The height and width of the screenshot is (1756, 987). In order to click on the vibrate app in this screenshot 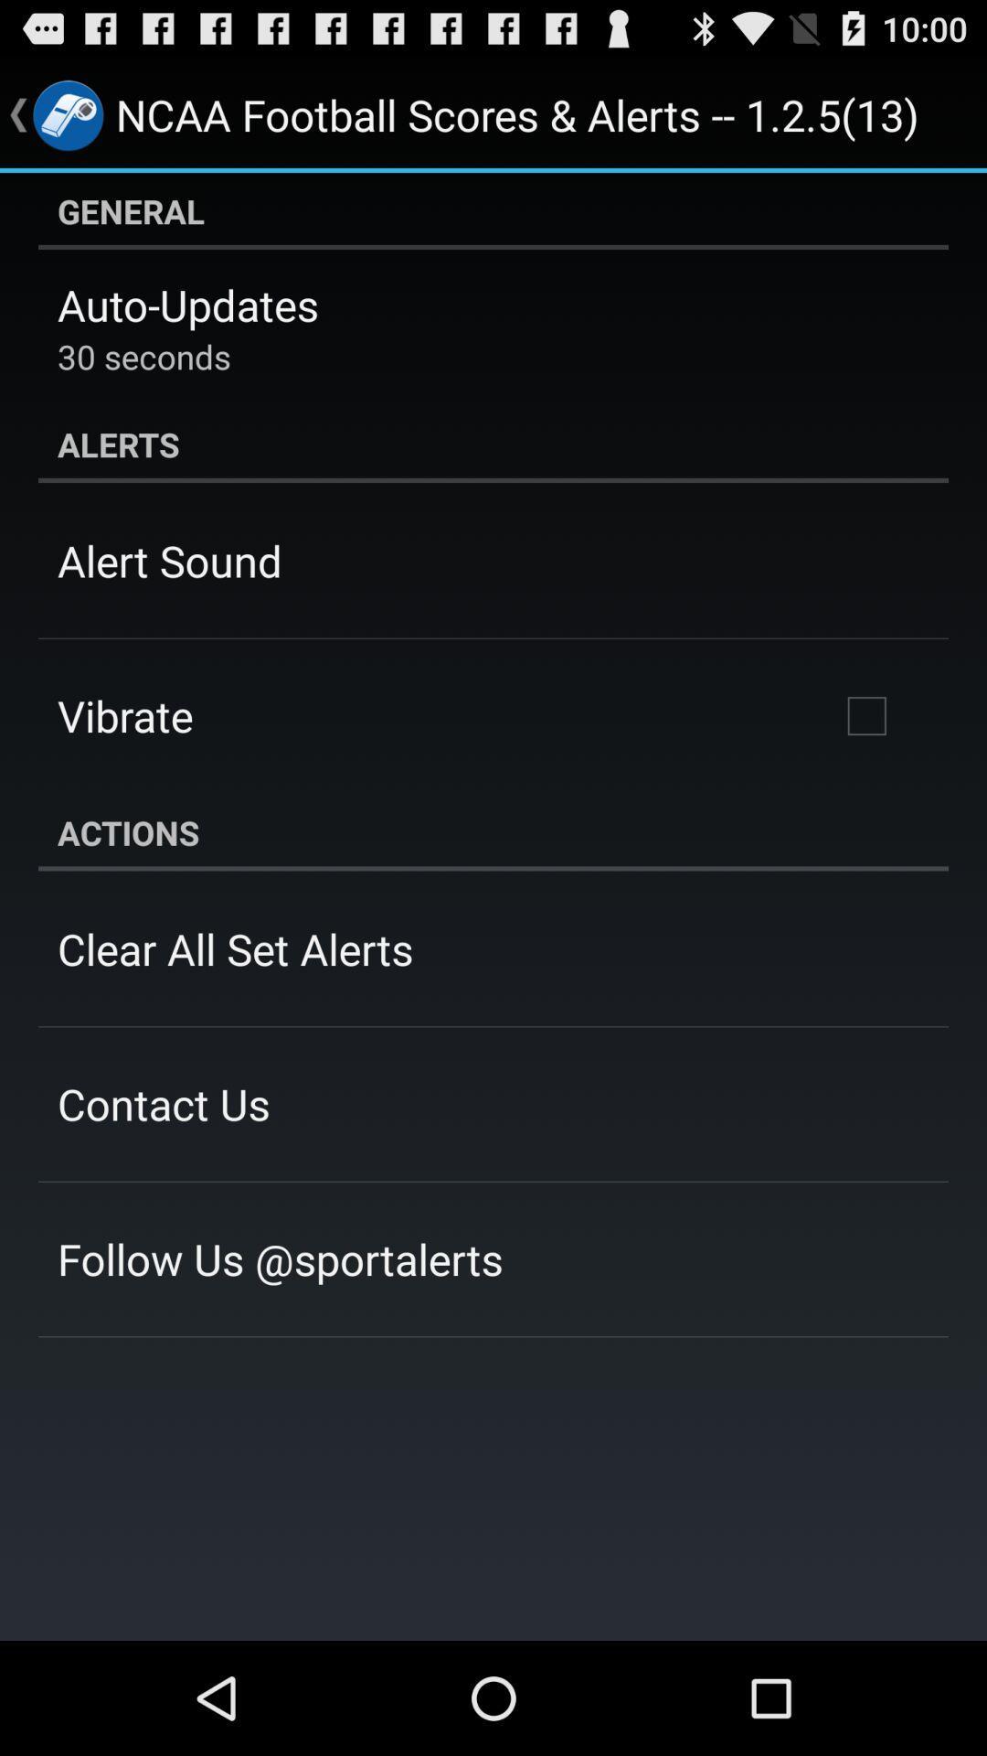, I will do `click(124, 714)`.